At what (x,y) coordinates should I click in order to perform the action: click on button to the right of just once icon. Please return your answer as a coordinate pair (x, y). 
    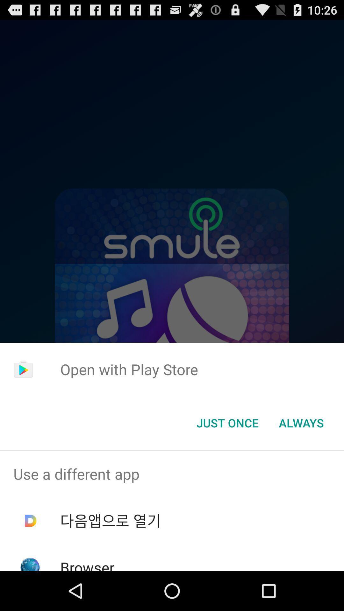
    Looking at the image, I should click on (301, 423).